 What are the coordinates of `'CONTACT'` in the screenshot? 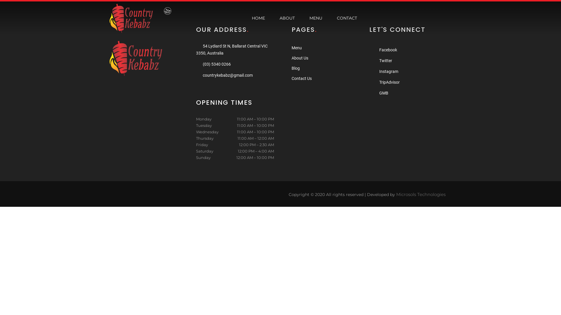 It's located at (347, 18).